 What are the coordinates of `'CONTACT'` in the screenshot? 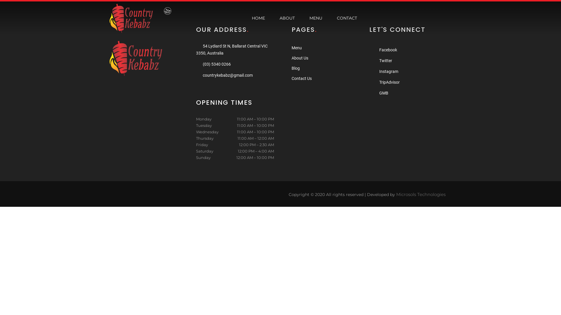 It's located at (347, 18).